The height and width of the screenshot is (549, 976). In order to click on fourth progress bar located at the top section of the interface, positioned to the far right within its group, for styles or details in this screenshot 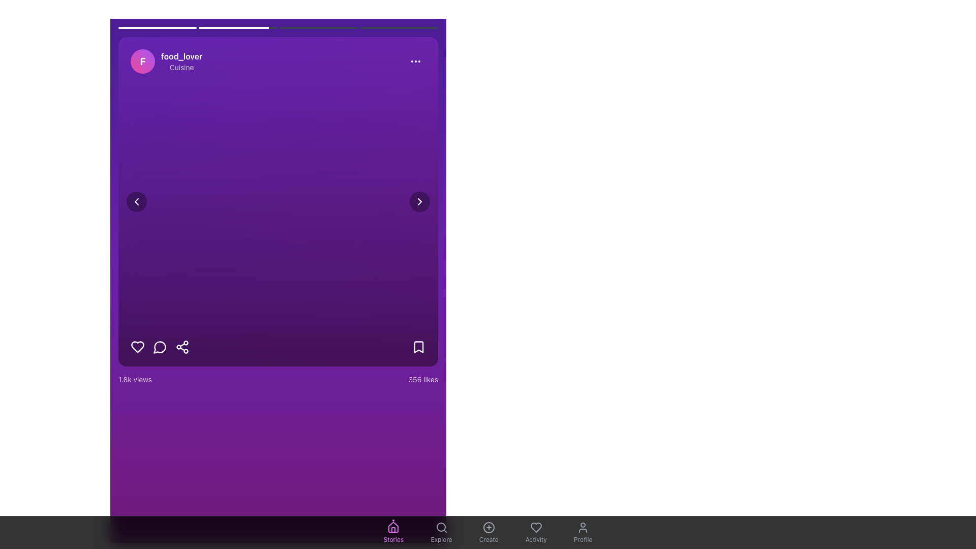, I will do `click(398, 27)`.